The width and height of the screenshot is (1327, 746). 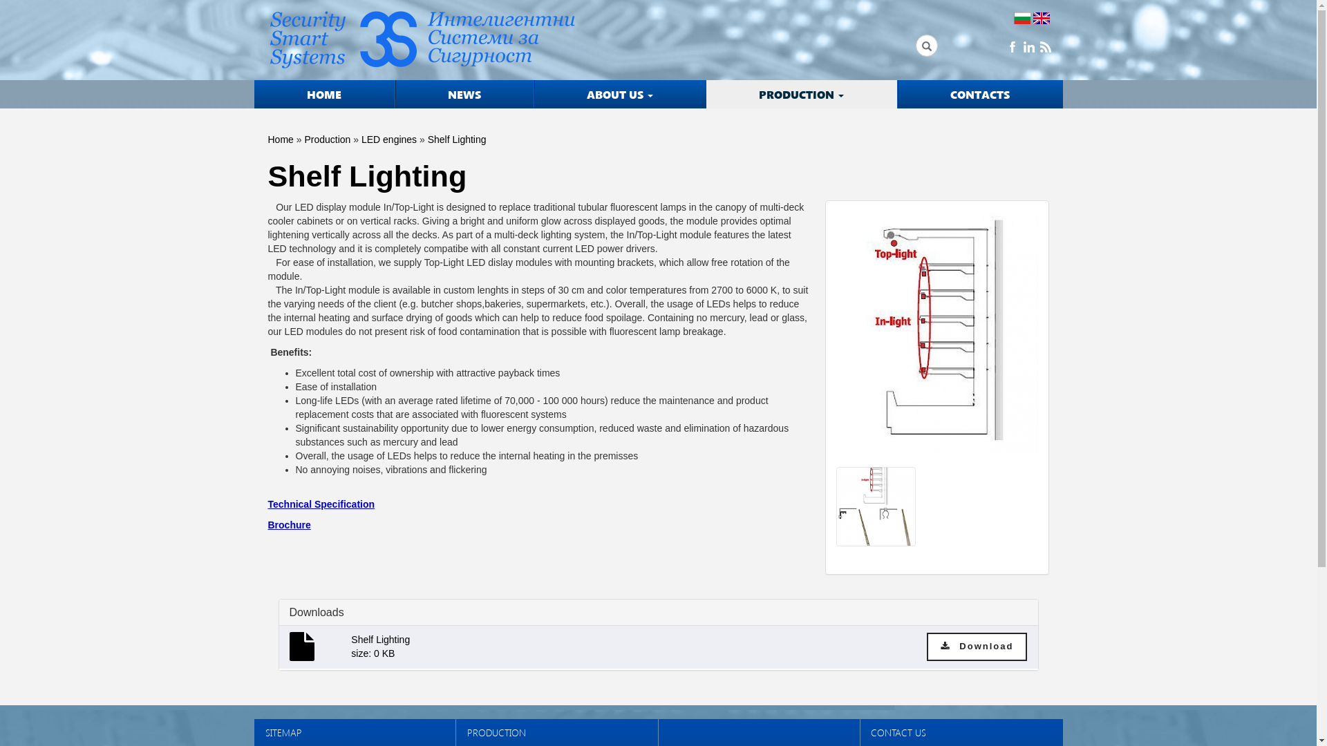 I want to click on 'Shelf Lighting', so click(x=457, y=139).